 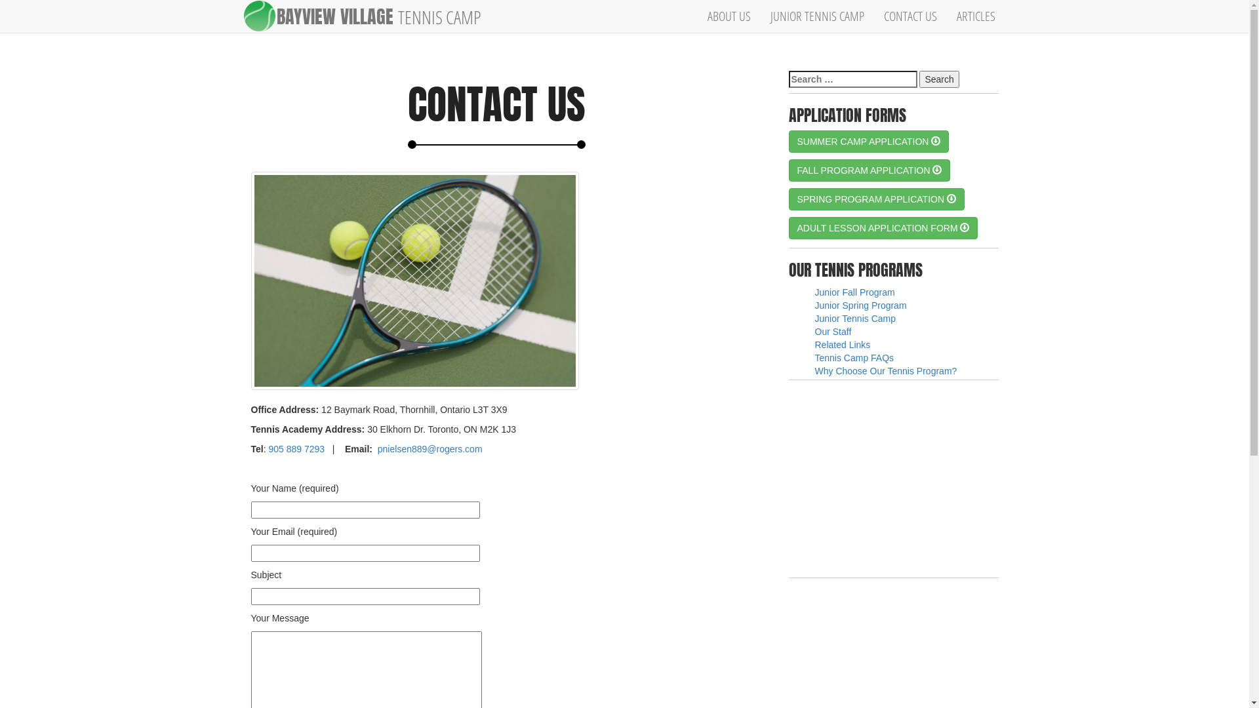 I want to click on 'pnielsen889@rogers.com', so click(x=430, y=448).